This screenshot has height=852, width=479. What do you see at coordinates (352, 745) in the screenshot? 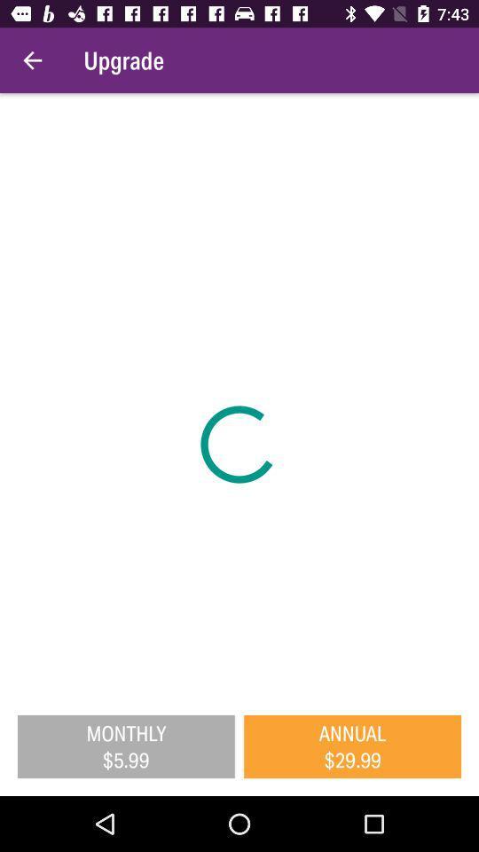
I see `item at the bottom right corner` at bounding box center [352, 745].